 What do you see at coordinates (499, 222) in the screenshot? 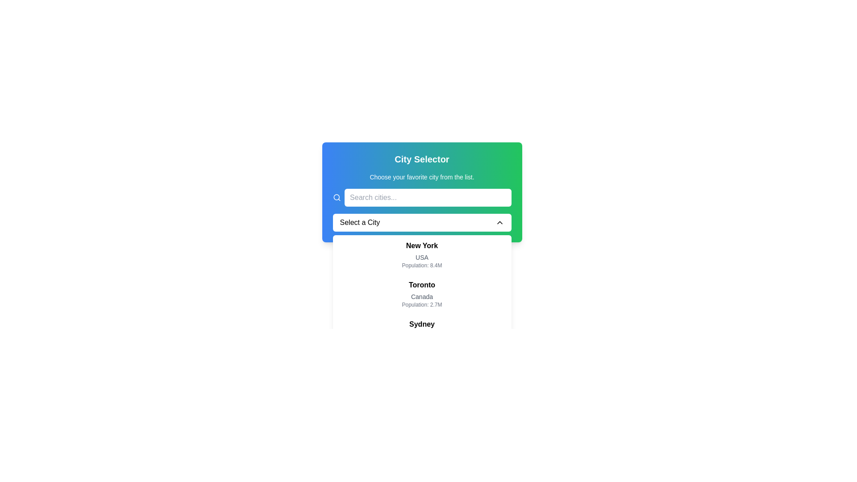
I see `the icon indicating the state of the dropdown menu next to the 'Select a City' dropdown to emphasize it visually` at bounding box center [499, 222].